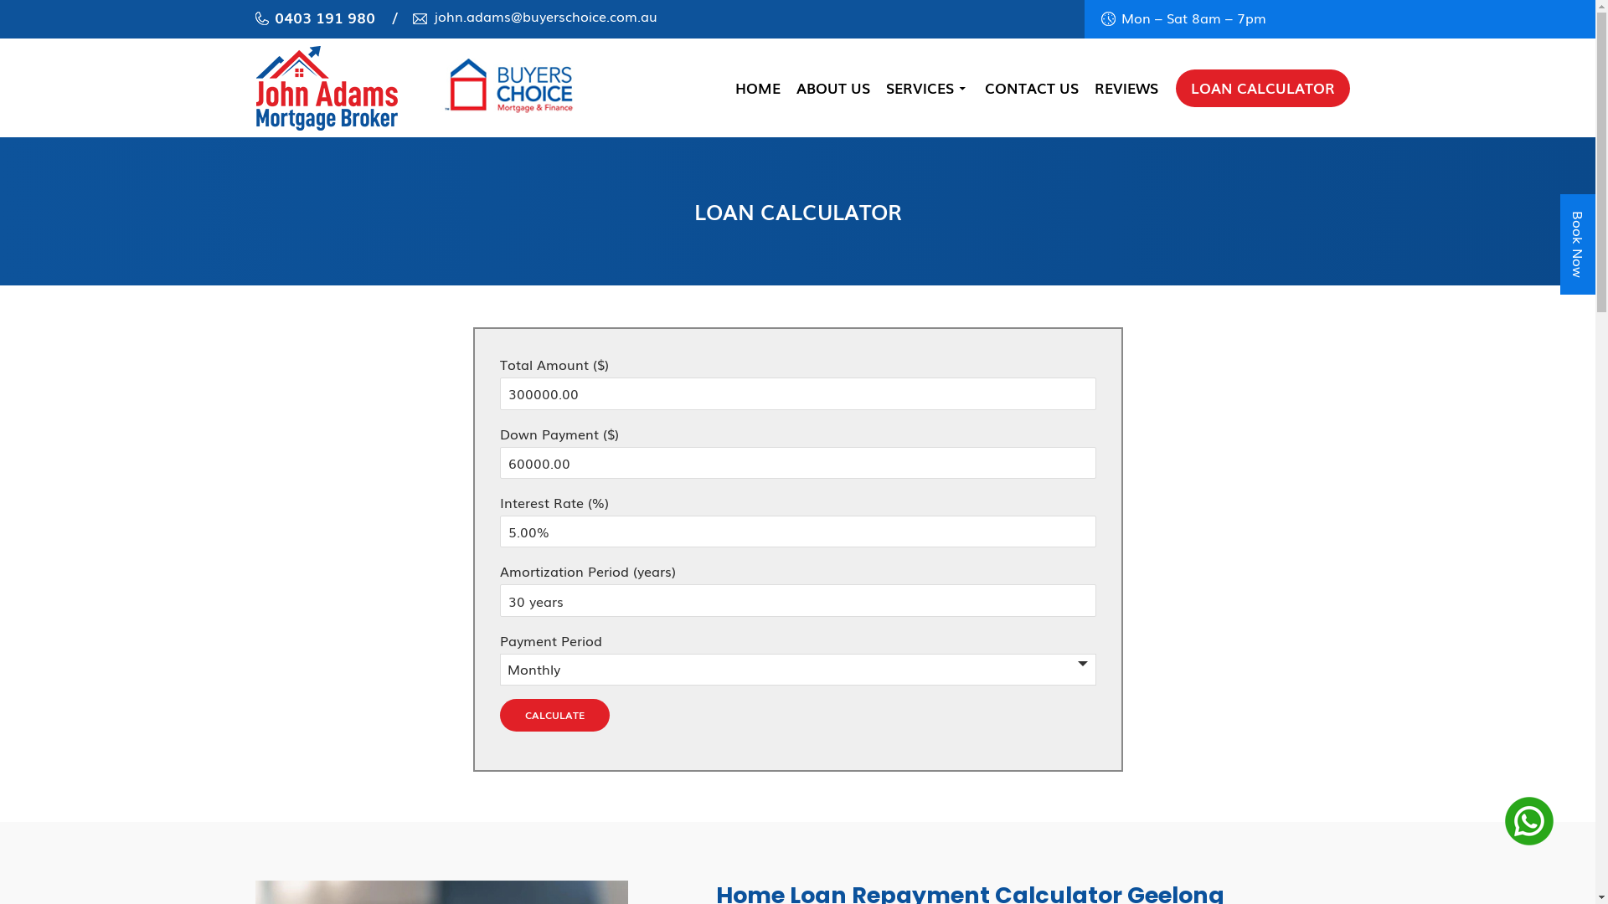 This screenshot has height=904, width=1608. What do you see at coordinates (314, 16) in the screenshot?
I see `'0403 191 980'` at bounding box center [314, 16].